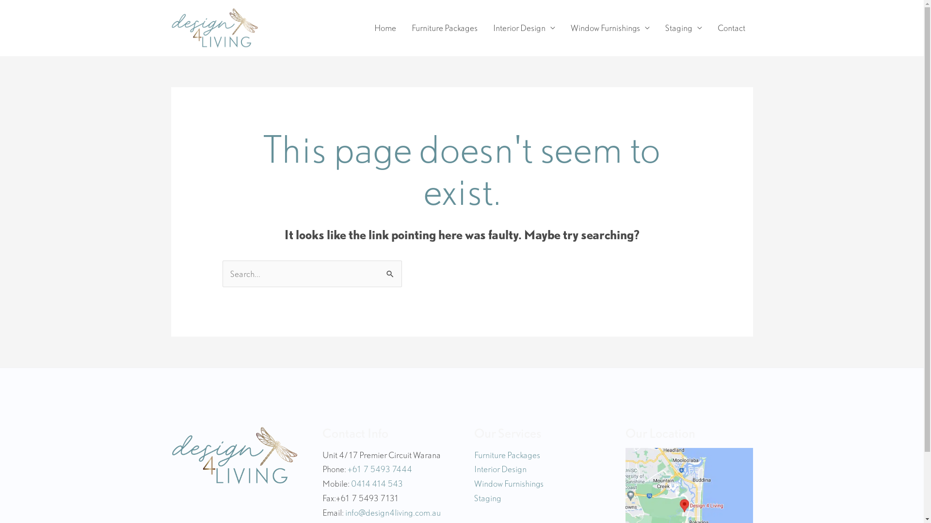  I want to click on 'Staging', so click(488, 498).